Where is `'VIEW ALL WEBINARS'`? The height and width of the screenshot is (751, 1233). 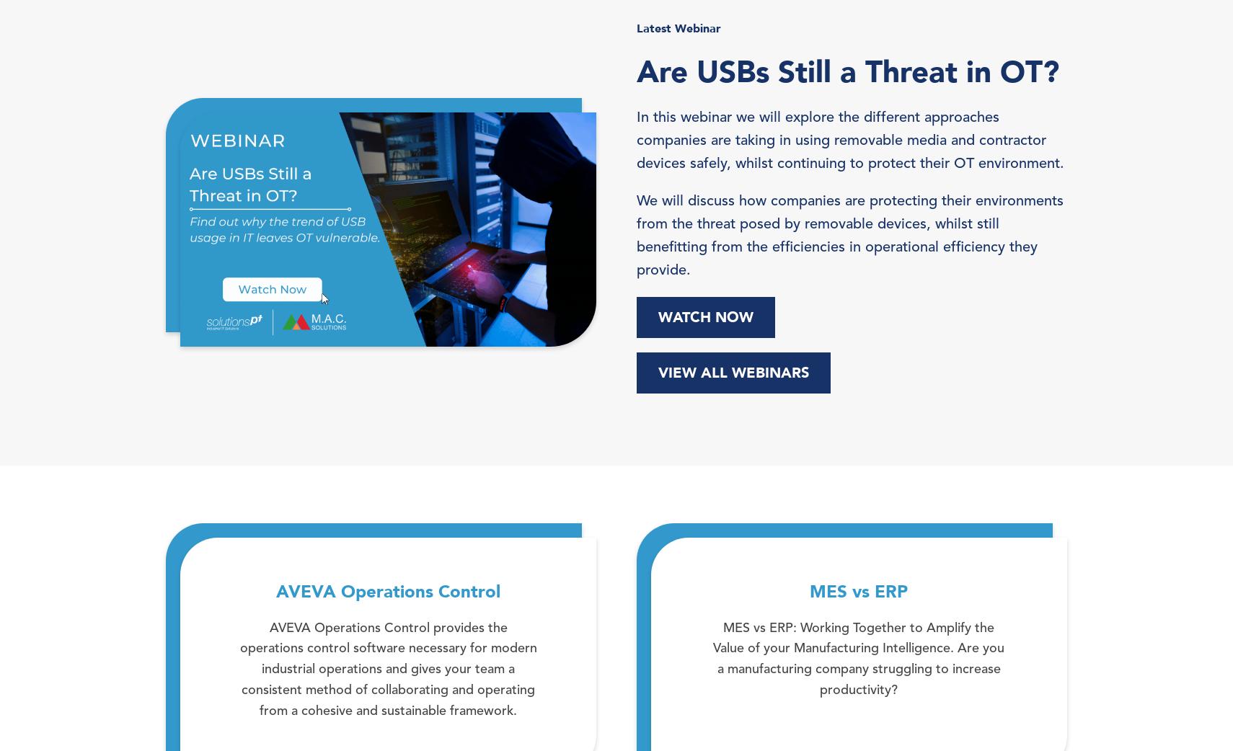 'VIEW ALL WEBINARS' is located at coordinates (732, 373).